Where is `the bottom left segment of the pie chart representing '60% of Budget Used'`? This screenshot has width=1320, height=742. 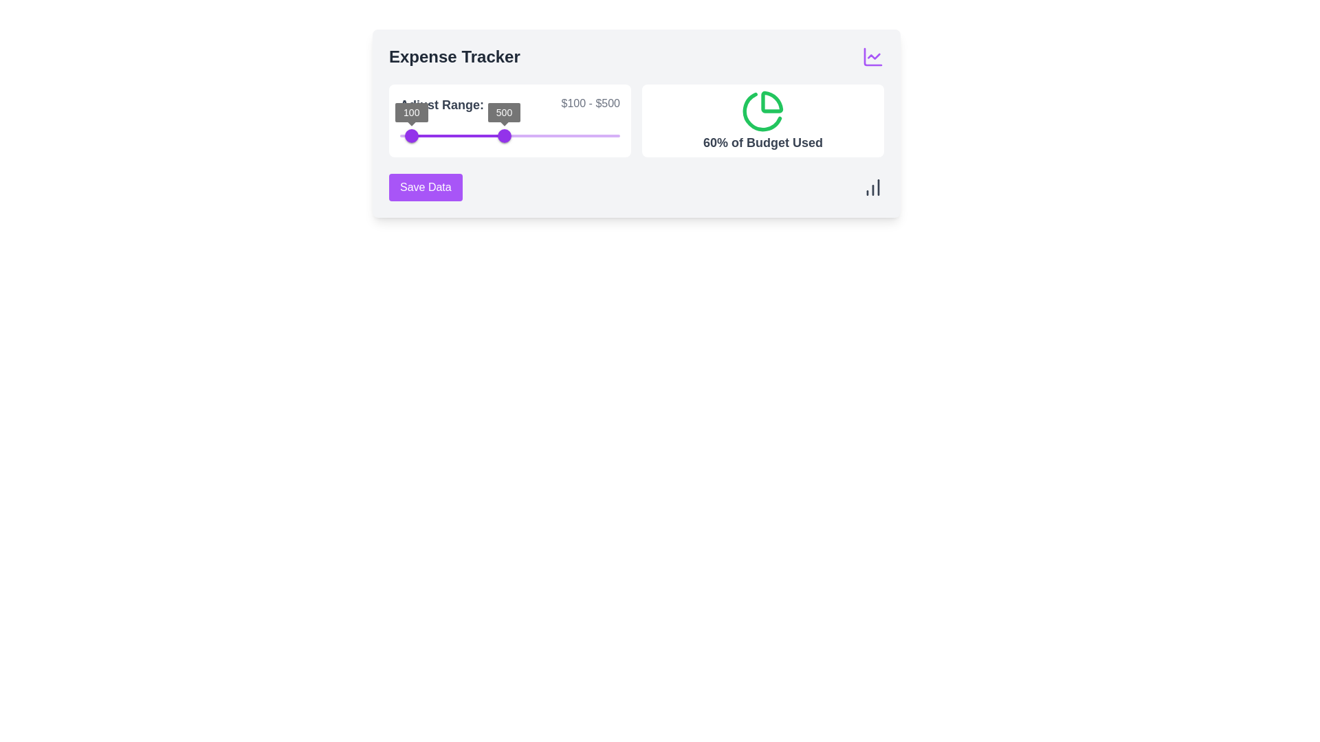 the bottom left segment of the pie chart representing '60% of Budget Used' is located at coordinates (761, 111).